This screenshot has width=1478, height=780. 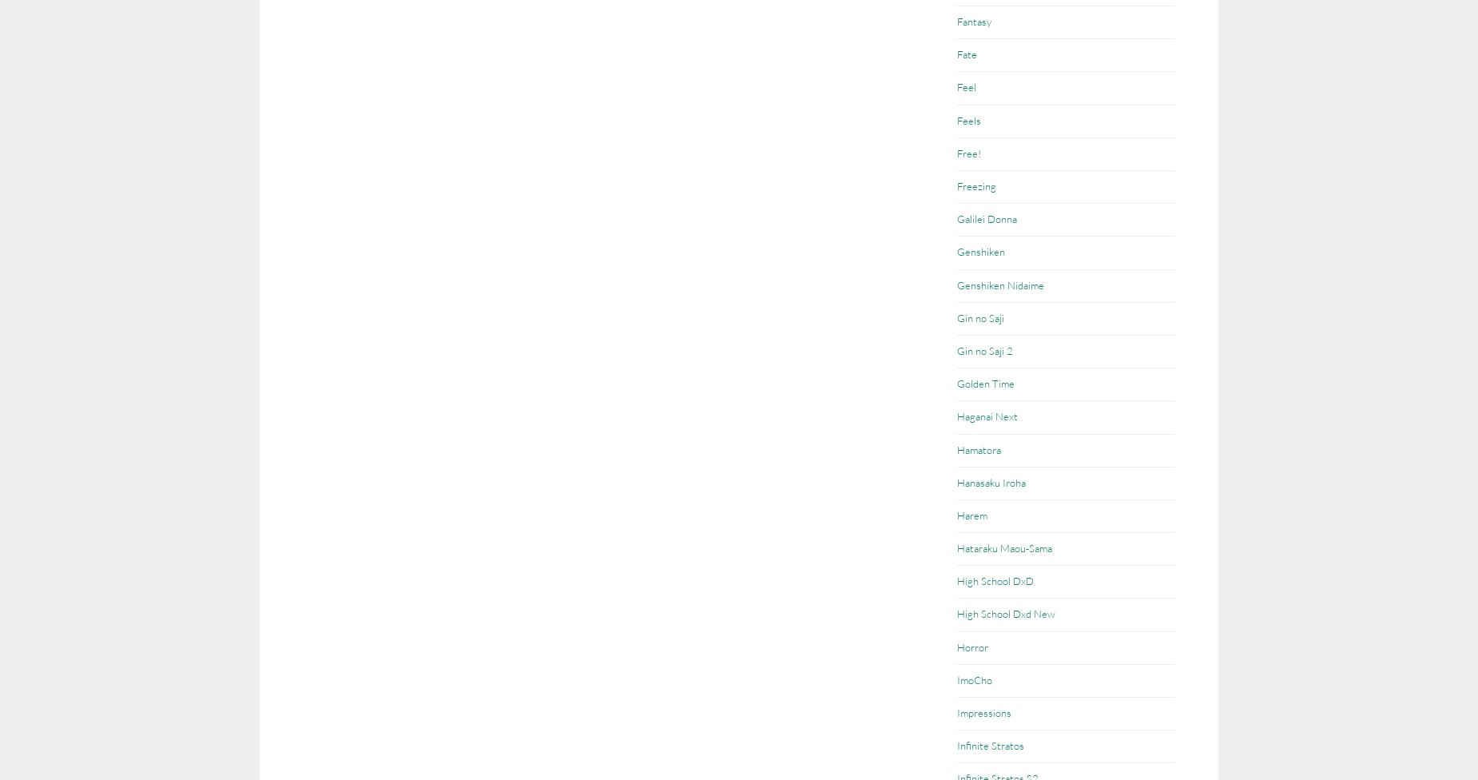 I want to click on 'Gin no Saji 2', so click(x=984, y=349).